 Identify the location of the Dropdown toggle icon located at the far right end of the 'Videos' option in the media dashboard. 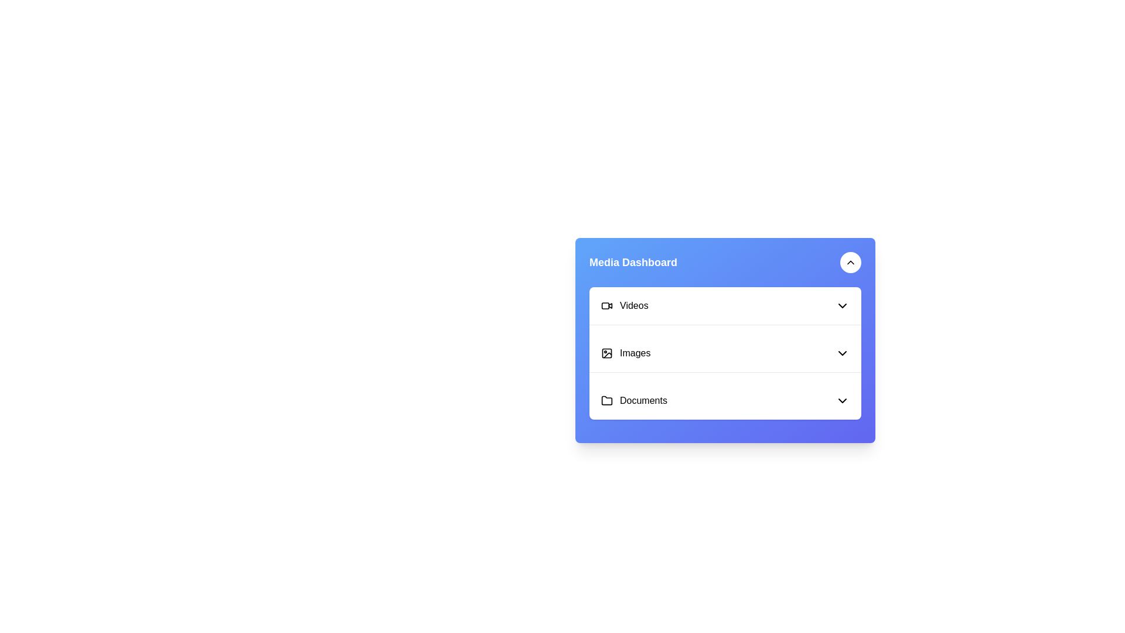
(842, 305).